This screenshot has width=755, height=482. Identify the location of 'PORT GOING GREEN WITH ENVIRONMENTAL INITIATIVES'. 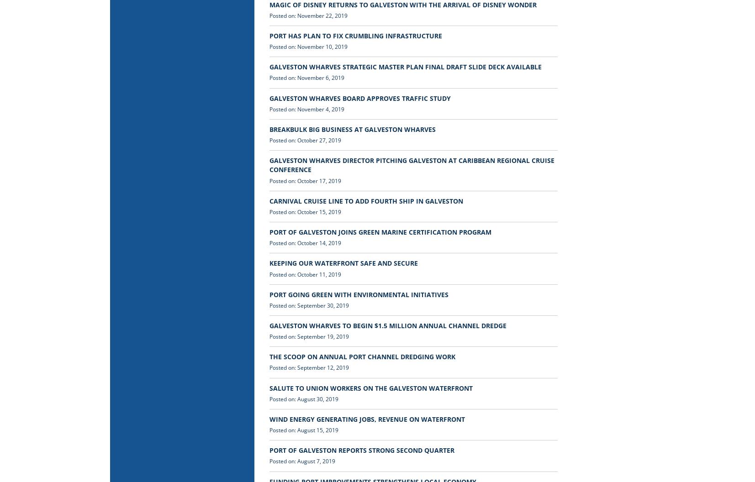
(359, 293).